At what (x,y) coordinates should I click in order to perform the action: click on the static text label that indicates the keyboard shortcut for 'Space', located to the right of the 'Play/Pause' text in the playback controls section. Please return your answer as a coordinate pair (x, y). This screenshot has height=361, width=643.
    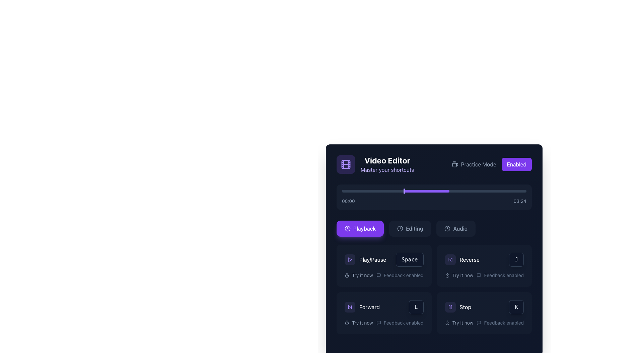
    Looking at the image, I should click on (409, 259).